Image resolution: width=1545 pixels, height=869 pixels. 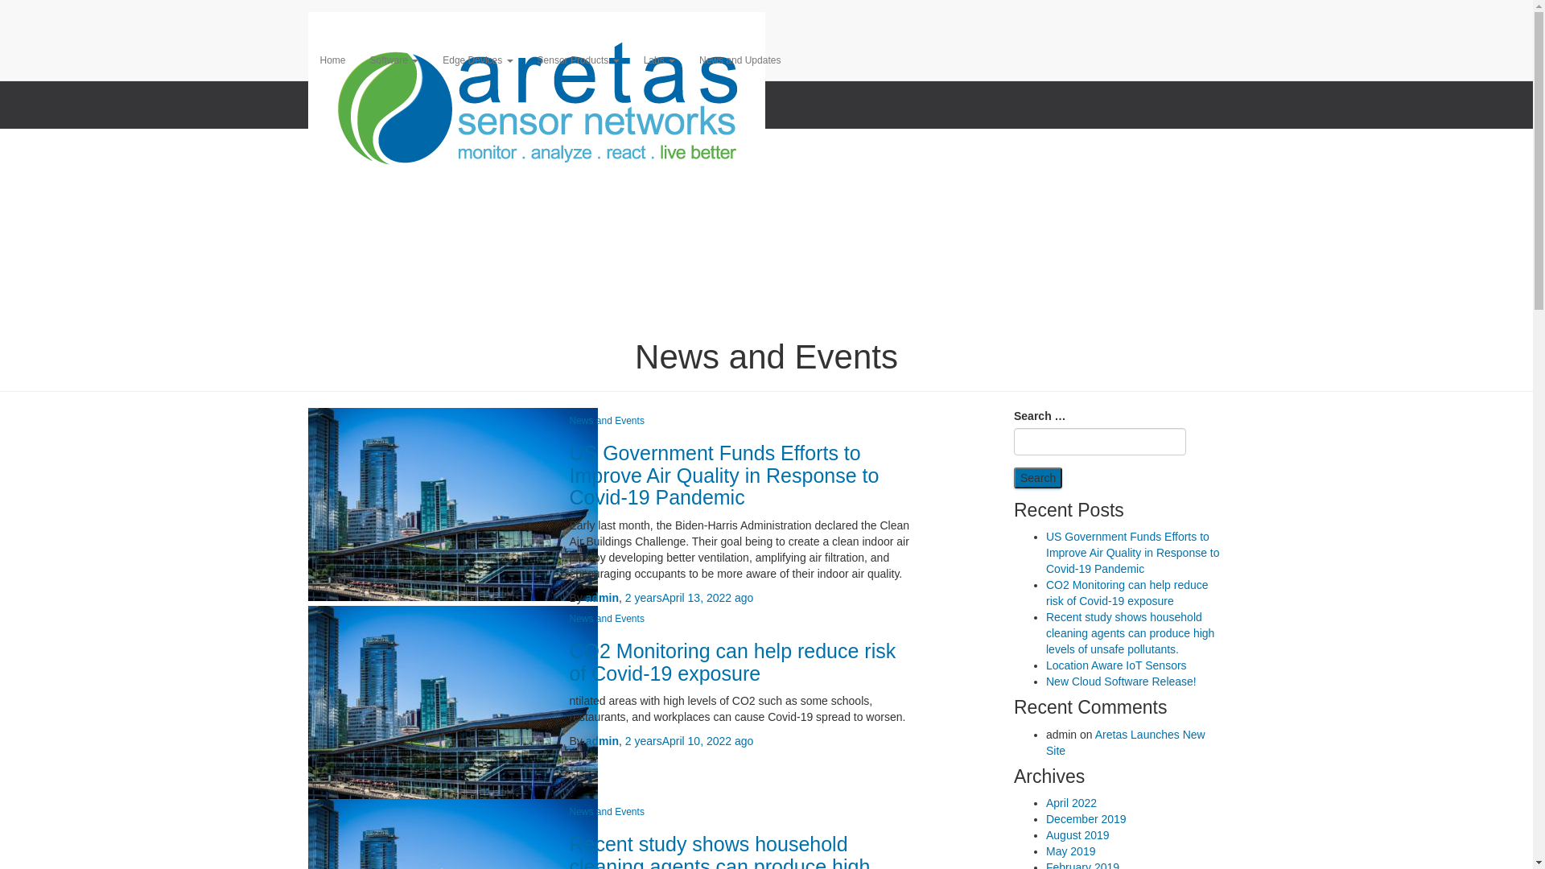 What do you see at coordinates (1071, 803) in the screenshot?
I see `'April 2022'` at bounding box center [1071, 803].